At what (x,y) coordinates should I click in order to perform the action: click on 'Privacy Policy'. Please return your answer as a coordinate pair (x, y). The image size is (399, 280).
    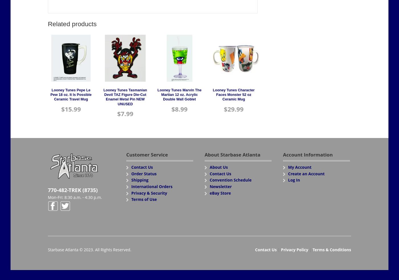
    Looking at the image, I should click on (294, 249).